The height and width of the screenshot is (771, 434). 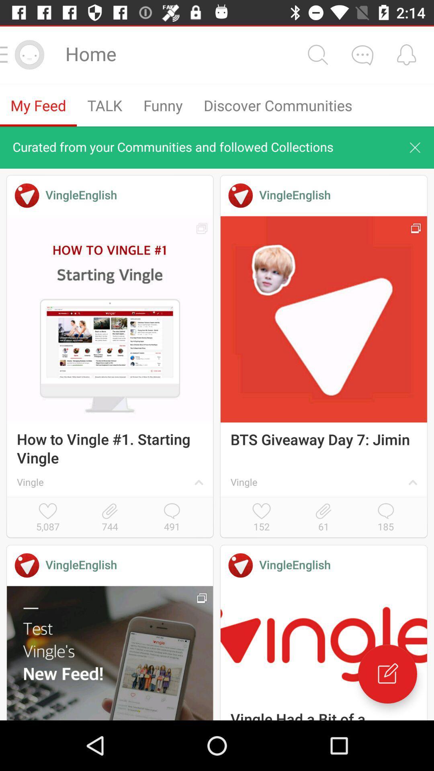 What do you see at coordinates (317, 54) in the screenshot?
I see `the search icon` at bounding box center [317, 54].